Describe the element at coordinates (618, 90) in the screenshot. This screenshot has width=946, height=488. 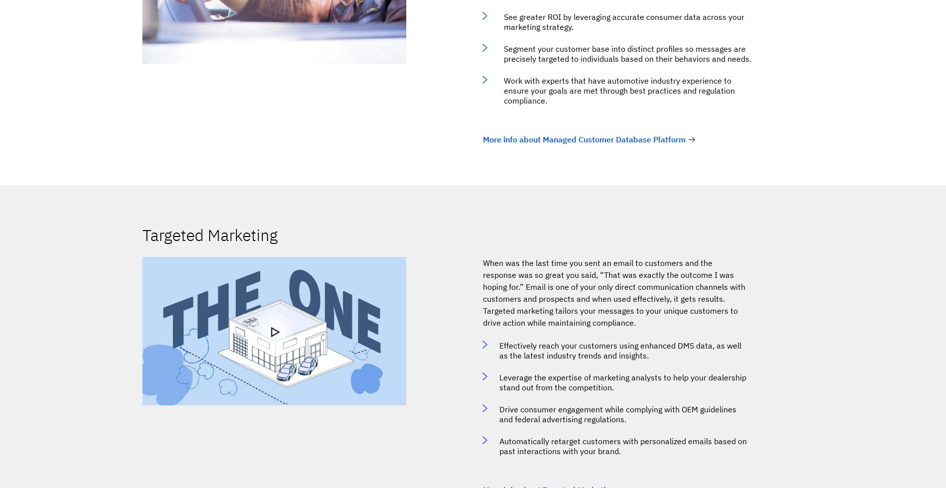
I see `'Work with experts that have automotive industry experience to ensure your goals are met through best practices and regulation compliance.'` at that location.